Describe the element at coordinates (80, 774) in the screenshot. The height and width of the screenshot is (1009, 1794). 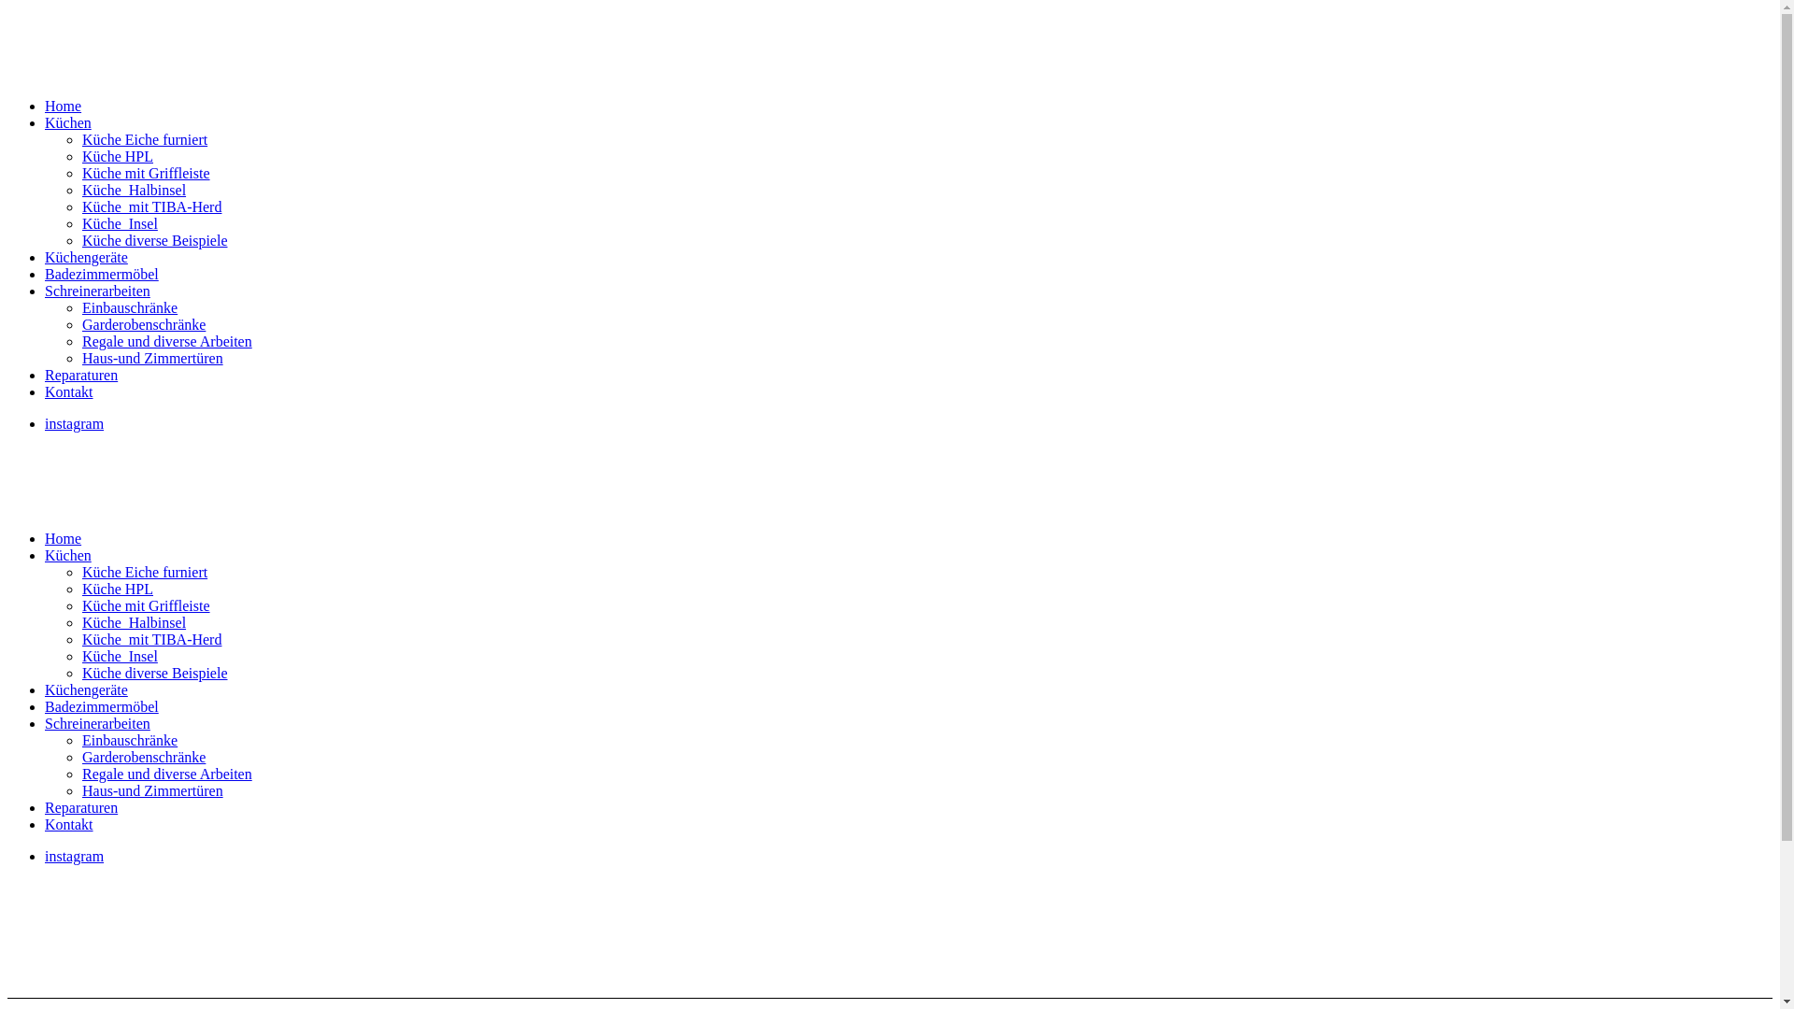
I see `'Regale und diverse Arbeiten'` at that location.